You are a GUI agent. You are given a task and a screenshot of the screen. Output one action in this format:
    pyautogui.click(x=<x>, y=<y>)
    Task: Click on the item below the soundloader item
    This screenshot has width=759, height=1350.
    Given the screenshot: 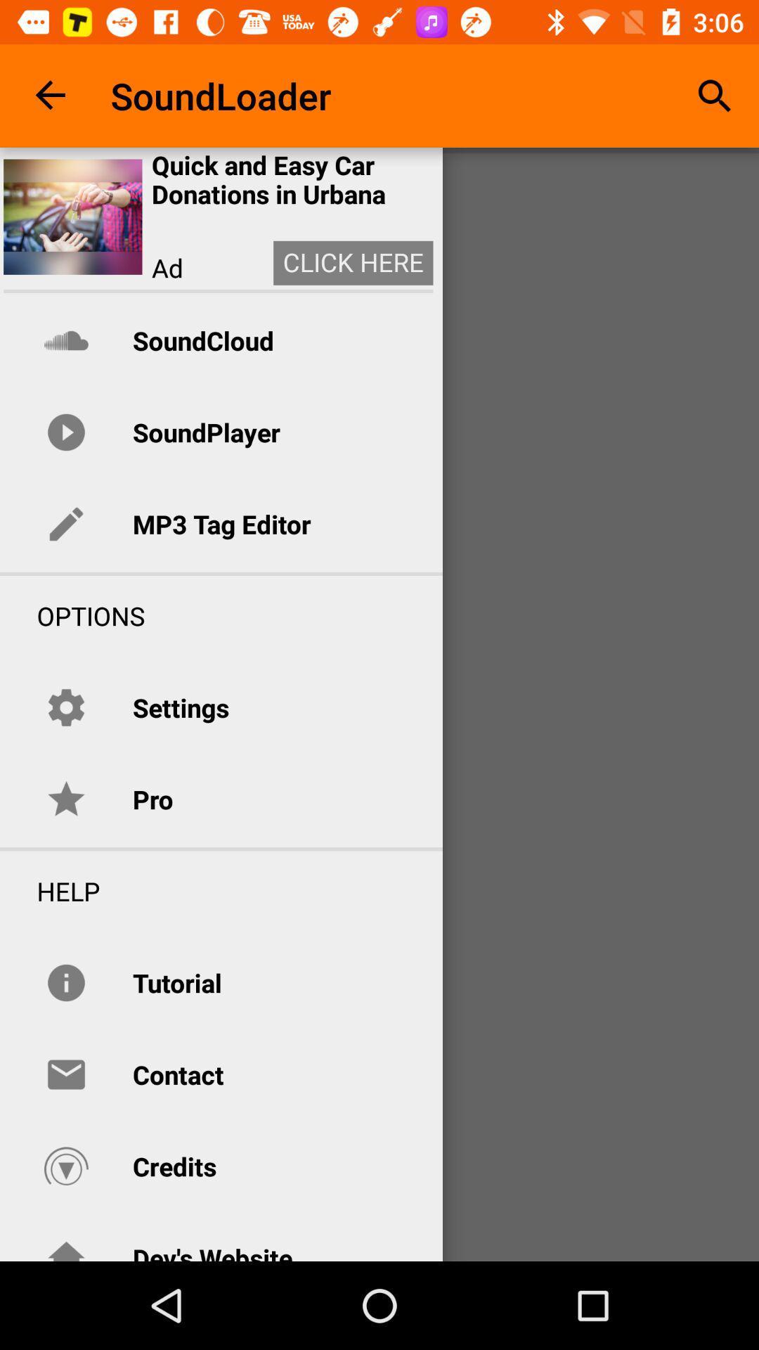 What is the action you would take?
    pyautogui.click(x=292, y=179)
    